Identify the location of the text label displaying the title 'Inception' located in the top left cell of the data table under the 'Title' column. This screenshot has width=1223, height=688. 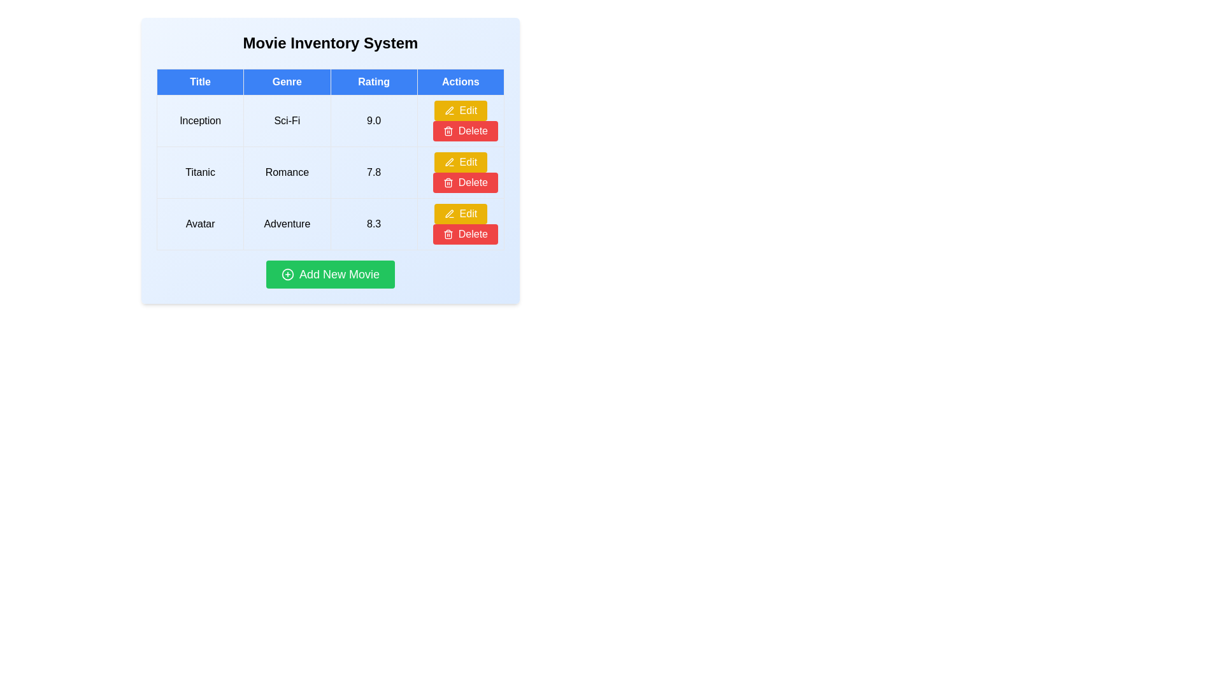
(199, 120).